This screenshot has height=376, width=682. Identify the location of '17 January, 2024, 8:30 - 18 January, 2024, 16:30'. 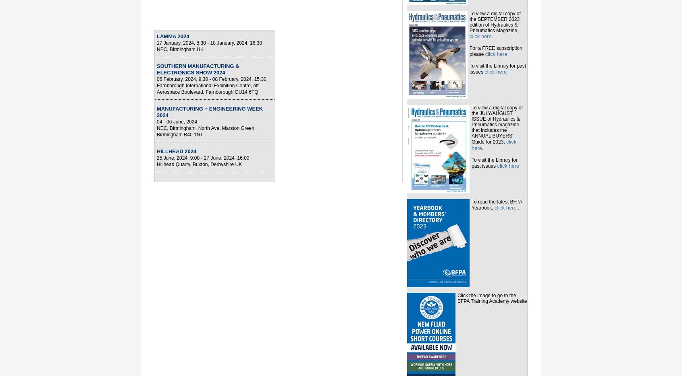
(209, 42).